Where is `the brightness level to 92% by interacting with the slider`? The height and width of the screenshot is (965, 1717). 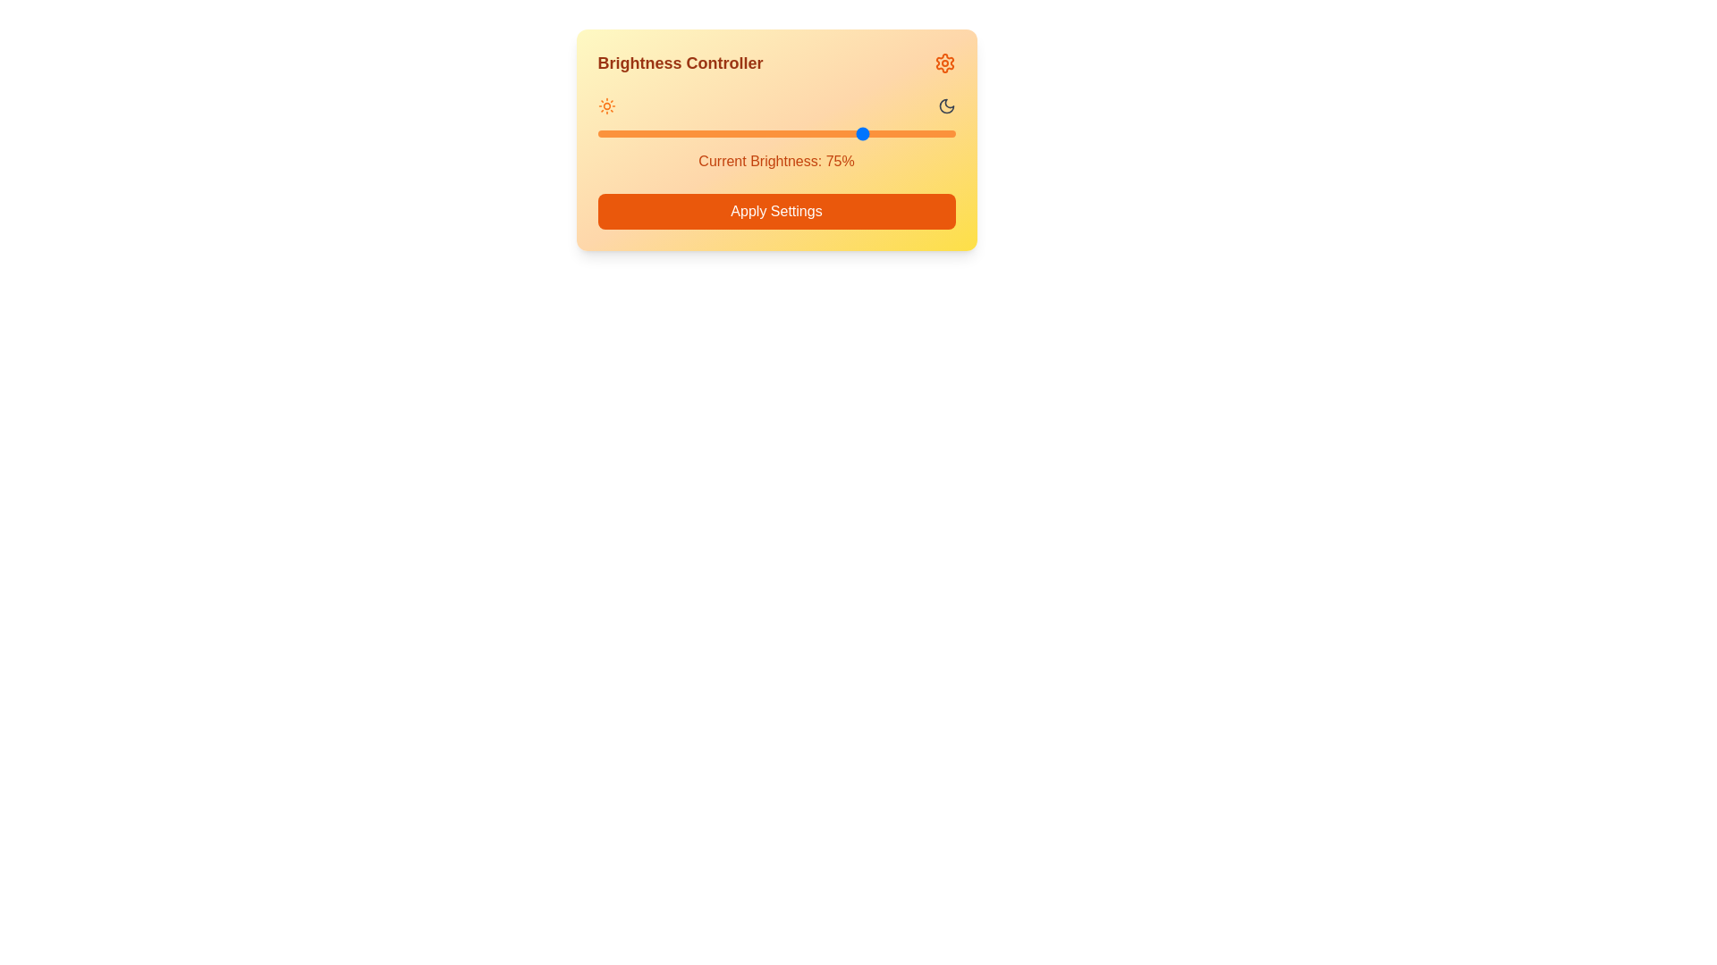 the brightness level to 92% by interacting with the slider is located at coordinates (926, 133).